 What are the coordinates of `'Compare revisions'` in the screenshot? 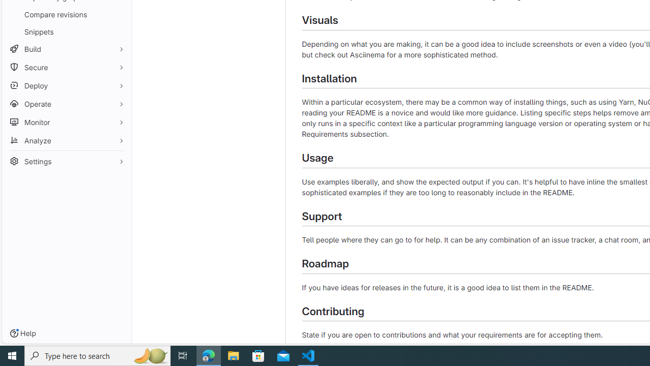 It's located at (66, 14).